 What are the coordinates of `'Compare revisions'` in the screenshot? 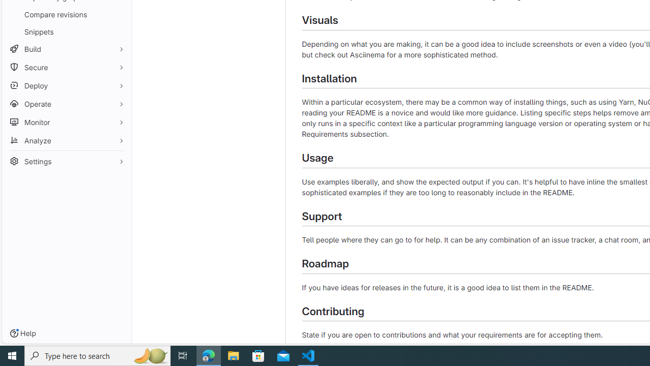 It's located at (66, 14).